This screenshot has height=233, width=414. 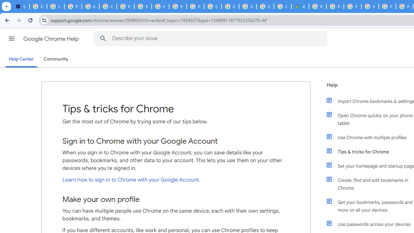 What do you see at coordinates (130, 180) in the screenshot?
I see `'Learn how to sign in to Chrome with your Google Account'` at bounding box center [130, 180].